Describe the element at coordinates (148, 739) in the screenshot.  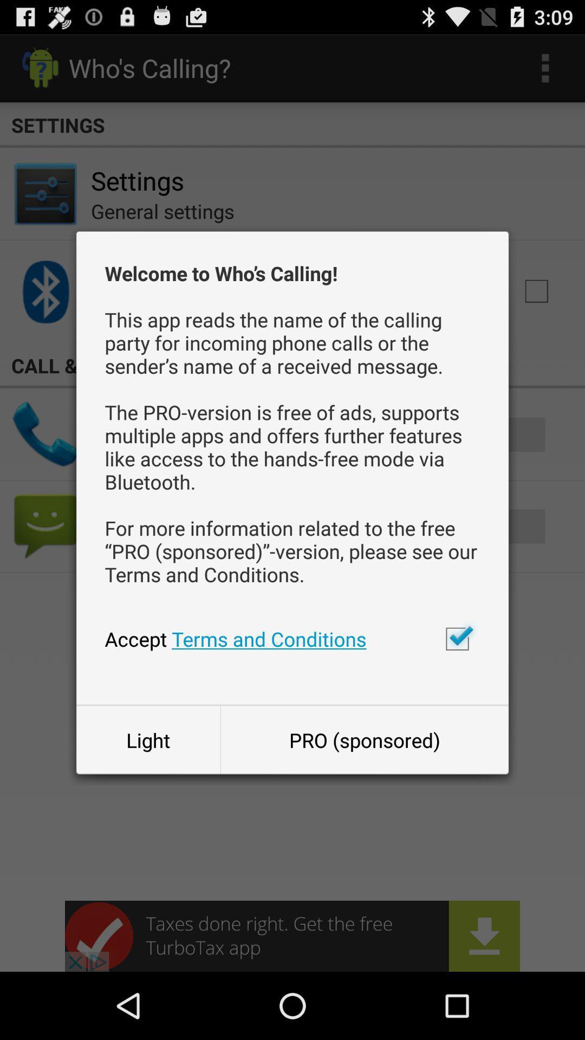
I see `light button` at that location.